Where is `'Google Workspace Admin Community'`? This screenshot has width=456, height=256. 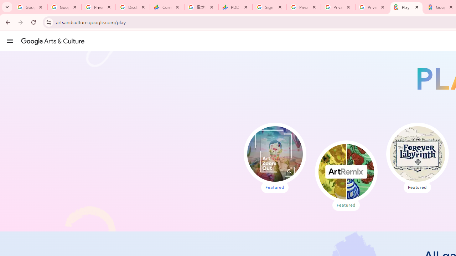
'Google Workspace Admin Community' is located at coordinates (30, 7).